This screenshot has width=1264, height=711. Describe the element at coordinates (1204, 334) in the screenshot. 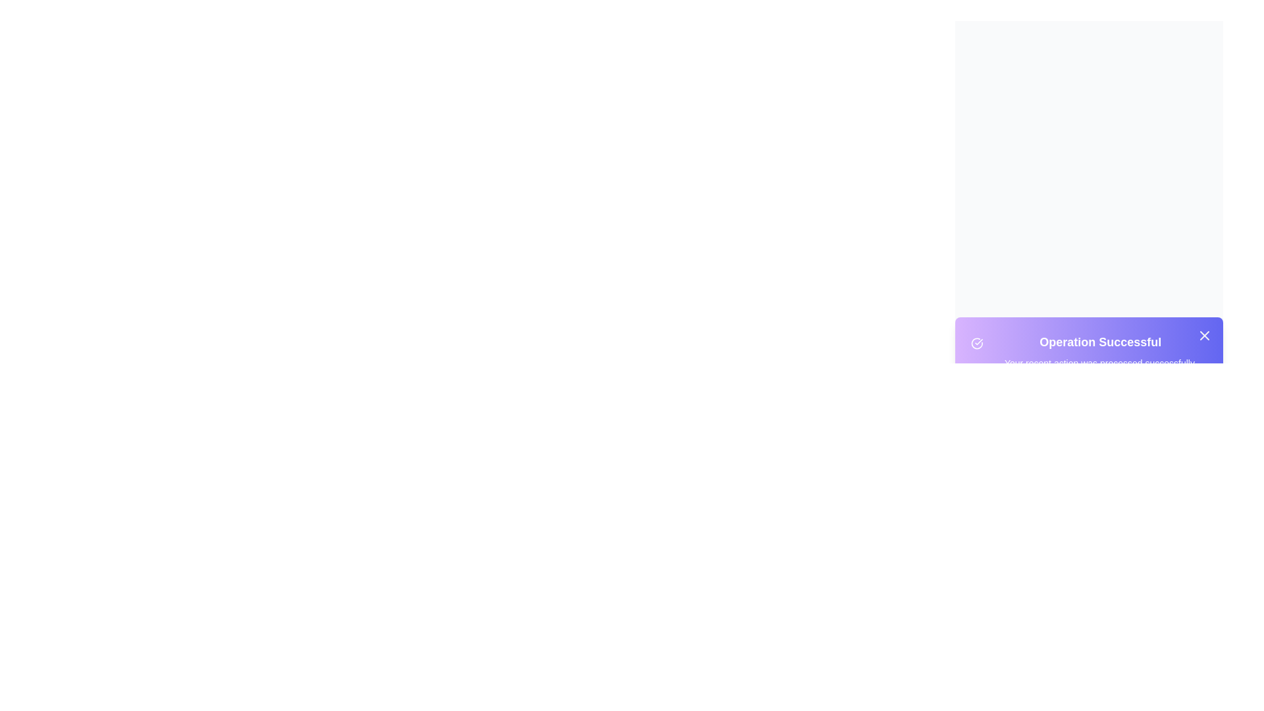

I see `close button to dismiss the notification` at that location.